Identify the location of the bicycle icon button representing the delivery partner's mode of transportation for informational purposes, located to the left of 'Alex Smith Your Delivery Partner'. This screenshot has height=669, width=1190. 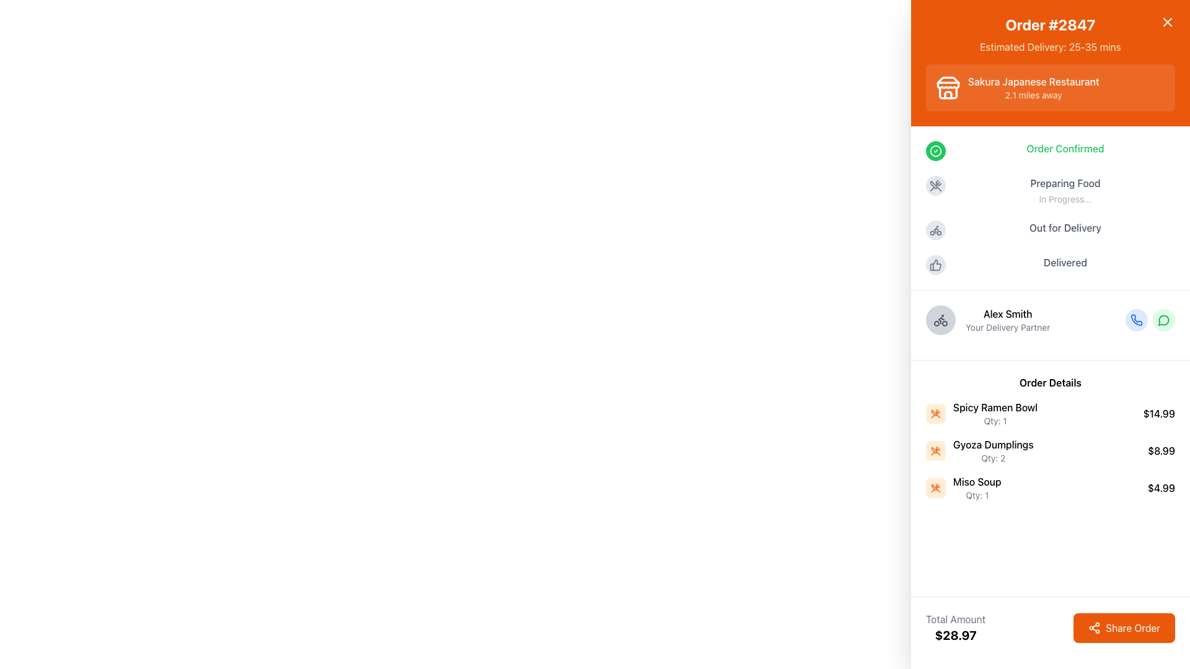
(940, 319).